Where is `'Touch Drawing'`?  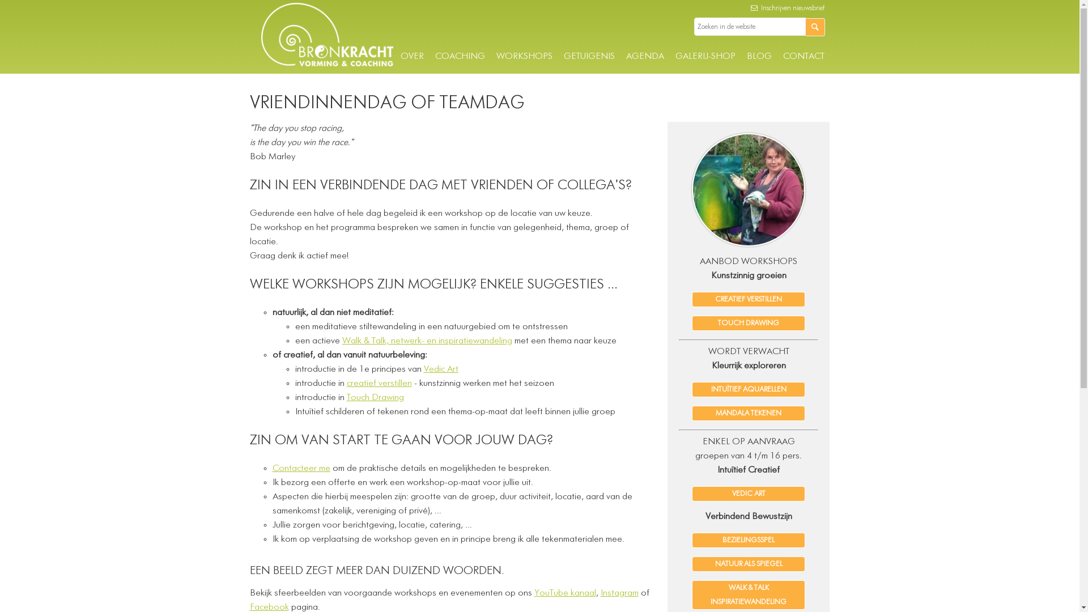
'Touch Drawing' is located at coordinates (375, 397).